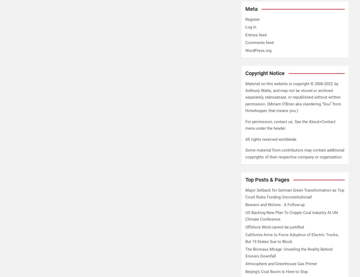 The image size is (360, 277). What do you see at coordinates (258, 50) in the screenshot?
I see `'WordPress.org'` at bounding box center [258, 50].